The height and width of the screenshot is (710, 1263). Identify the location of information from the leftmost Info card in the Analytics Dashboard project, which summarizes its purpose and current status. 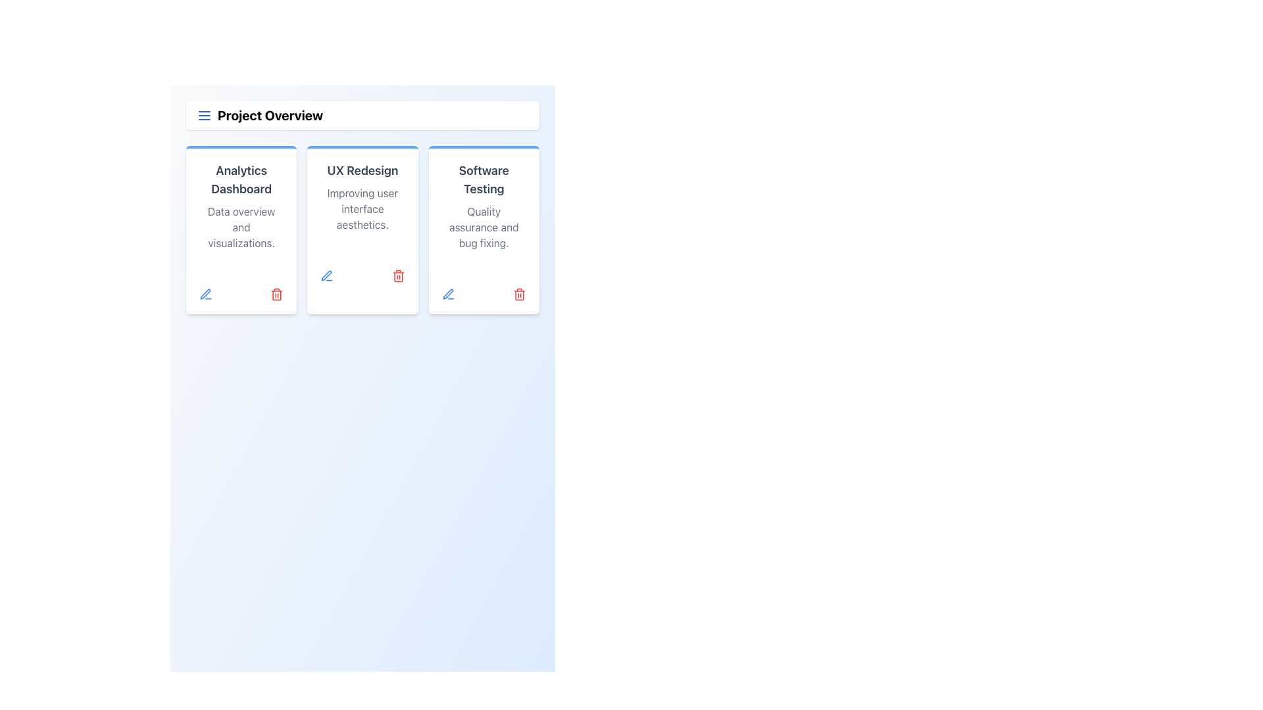
(241, 229).